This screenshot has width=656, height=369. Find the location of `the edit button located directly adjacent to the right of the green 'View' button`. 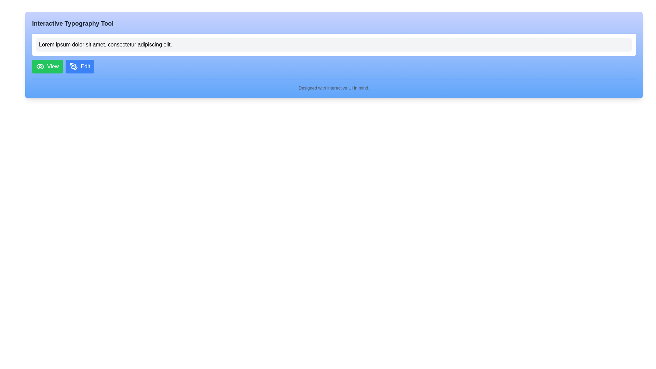

the edit button located directly adjacent to the right of the green 'View' button is located at coordinates (80, 67).